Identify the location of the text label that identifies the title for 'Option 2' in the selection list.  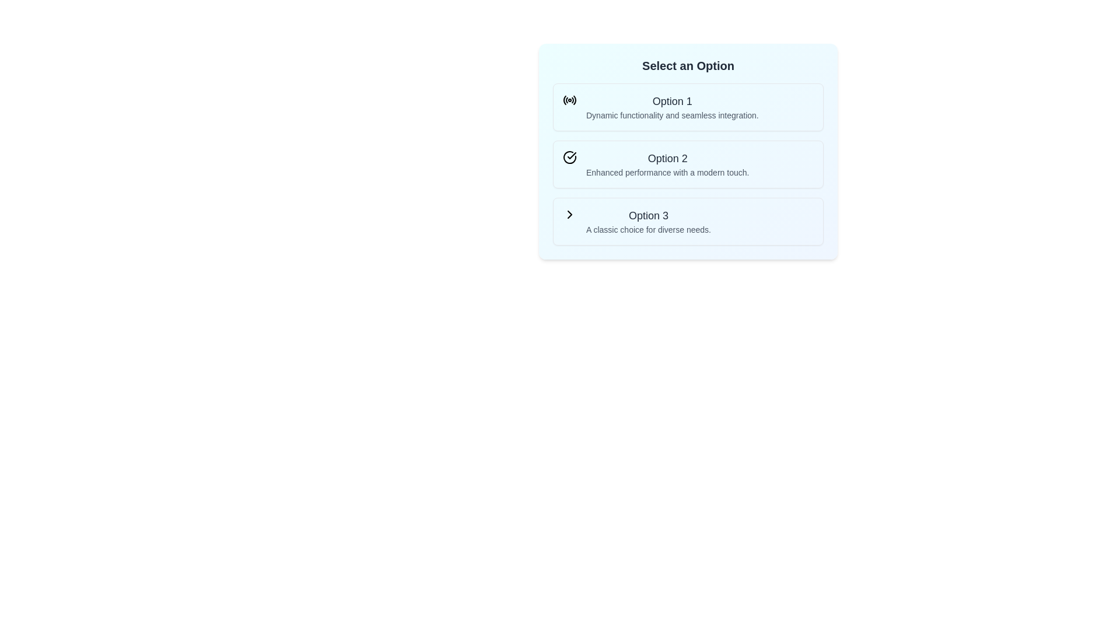
(667, 159).